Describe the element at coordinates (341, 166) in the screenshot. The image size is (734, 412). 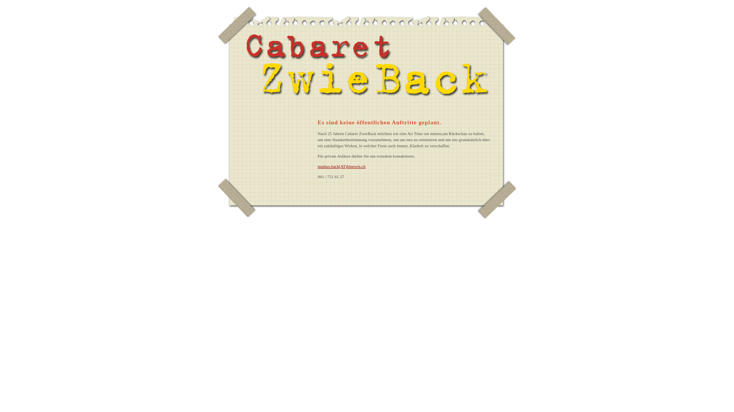
I see `'markus.back(AT)bluewin.ch'` at that location.